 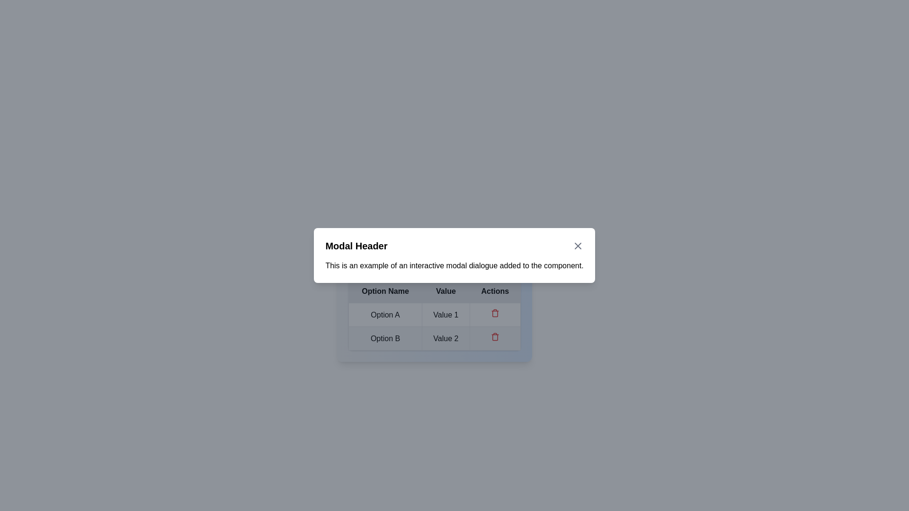 I want to click on the static text label displaying 'Value 2', located in the second row of the table under the 'Value' column, aligned with 'Option B', so click(x=445, y=338).